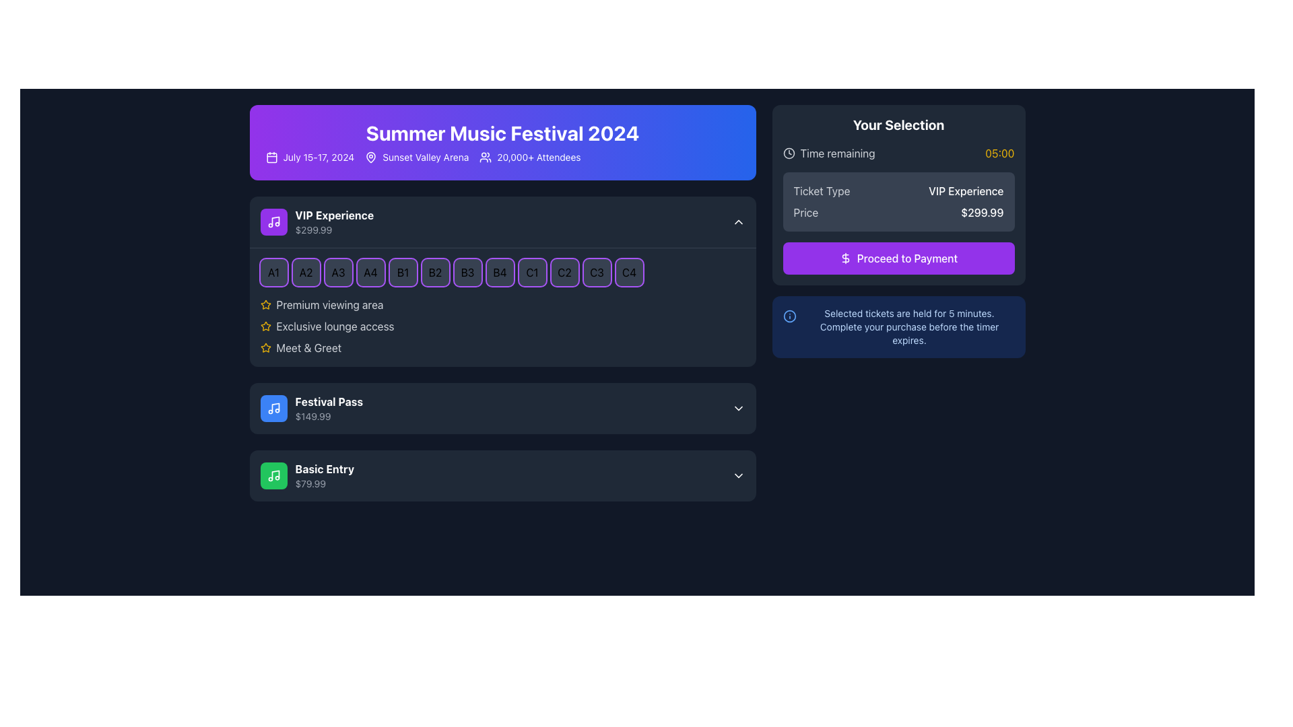 The height and width of the screenshot is (727, 1293). What do you see at coordinates (310, 407) in the screenshot?
I see `the list item representing the Festival Pass ticket priced at $149.99` at bounding box center [310, 407].